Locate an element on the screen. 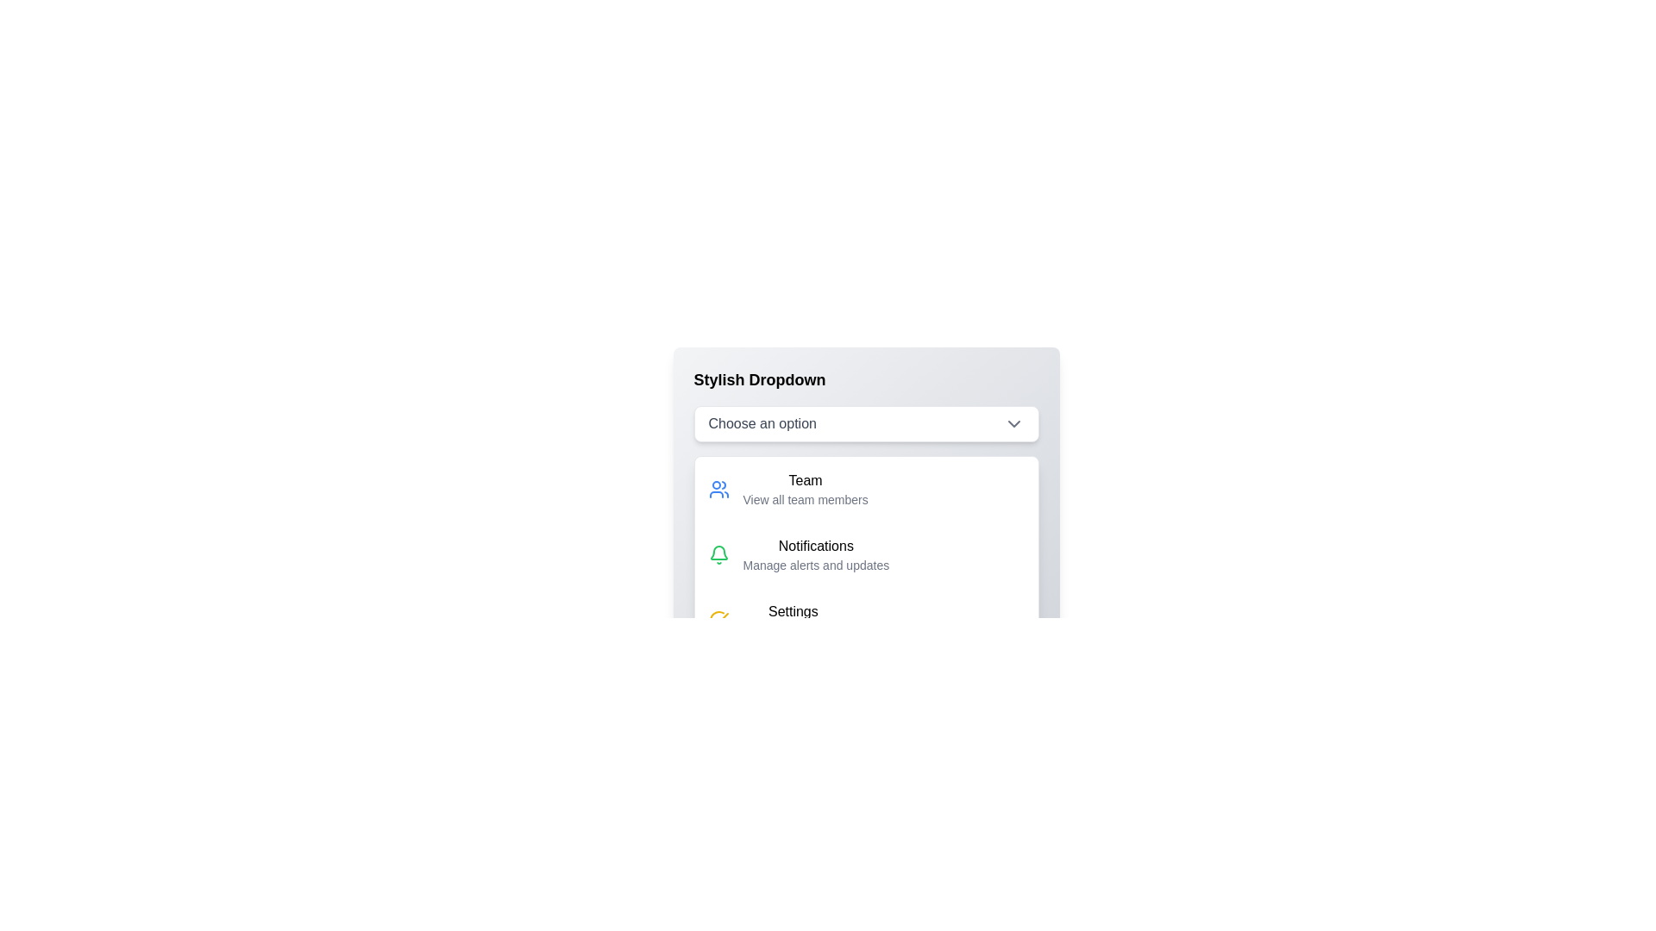 Image resolution: width=1656 pixels, height=931 pixels. the 'Team' text label, which is a bold, medium-sized font element prominently placed next to a team icon within the 'Stylish Dropdown' menu is located at coordinates (805, 481).